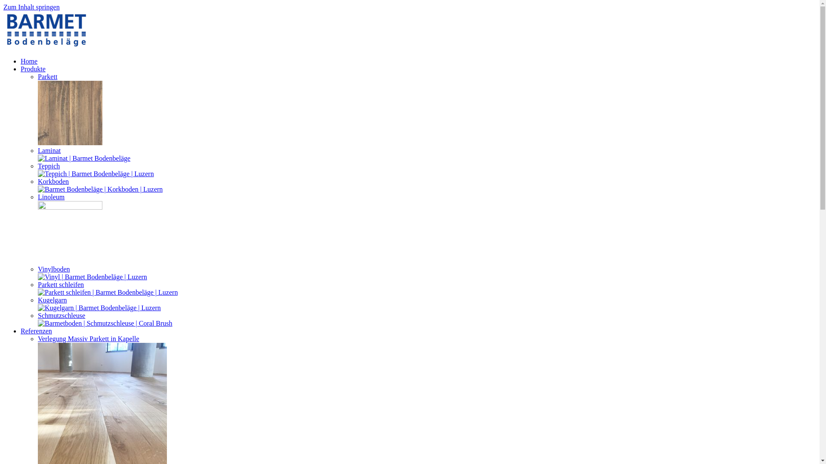 Image resolution: width=826 pixels, height=464 pixels. What do you see at coordinates (61, 315) in the screenshot?
I see `'Schmutzschleuse'` at bounding box center [61, 315].